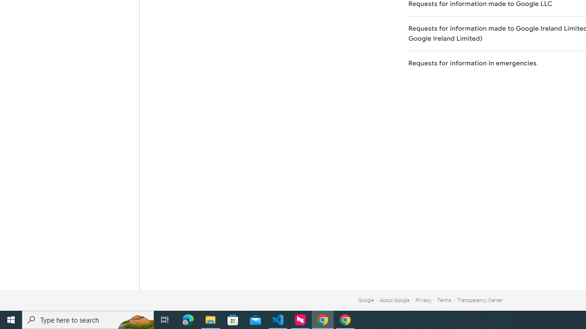  What do you see at coordinates (395, 300) in the screenshot?
I see `'About Google'` at bounding box center [395, 300].